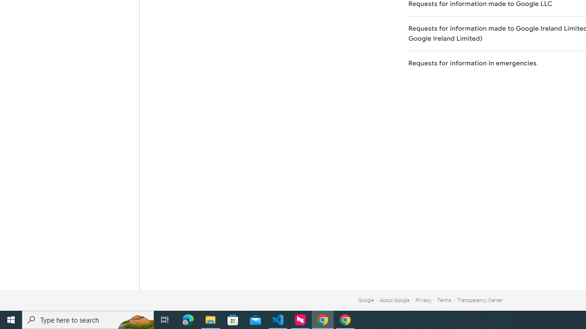  What do you see at coordinates (395, 300) in the screenshot?
I see `'About Google'` at bounding box center [395, 300].